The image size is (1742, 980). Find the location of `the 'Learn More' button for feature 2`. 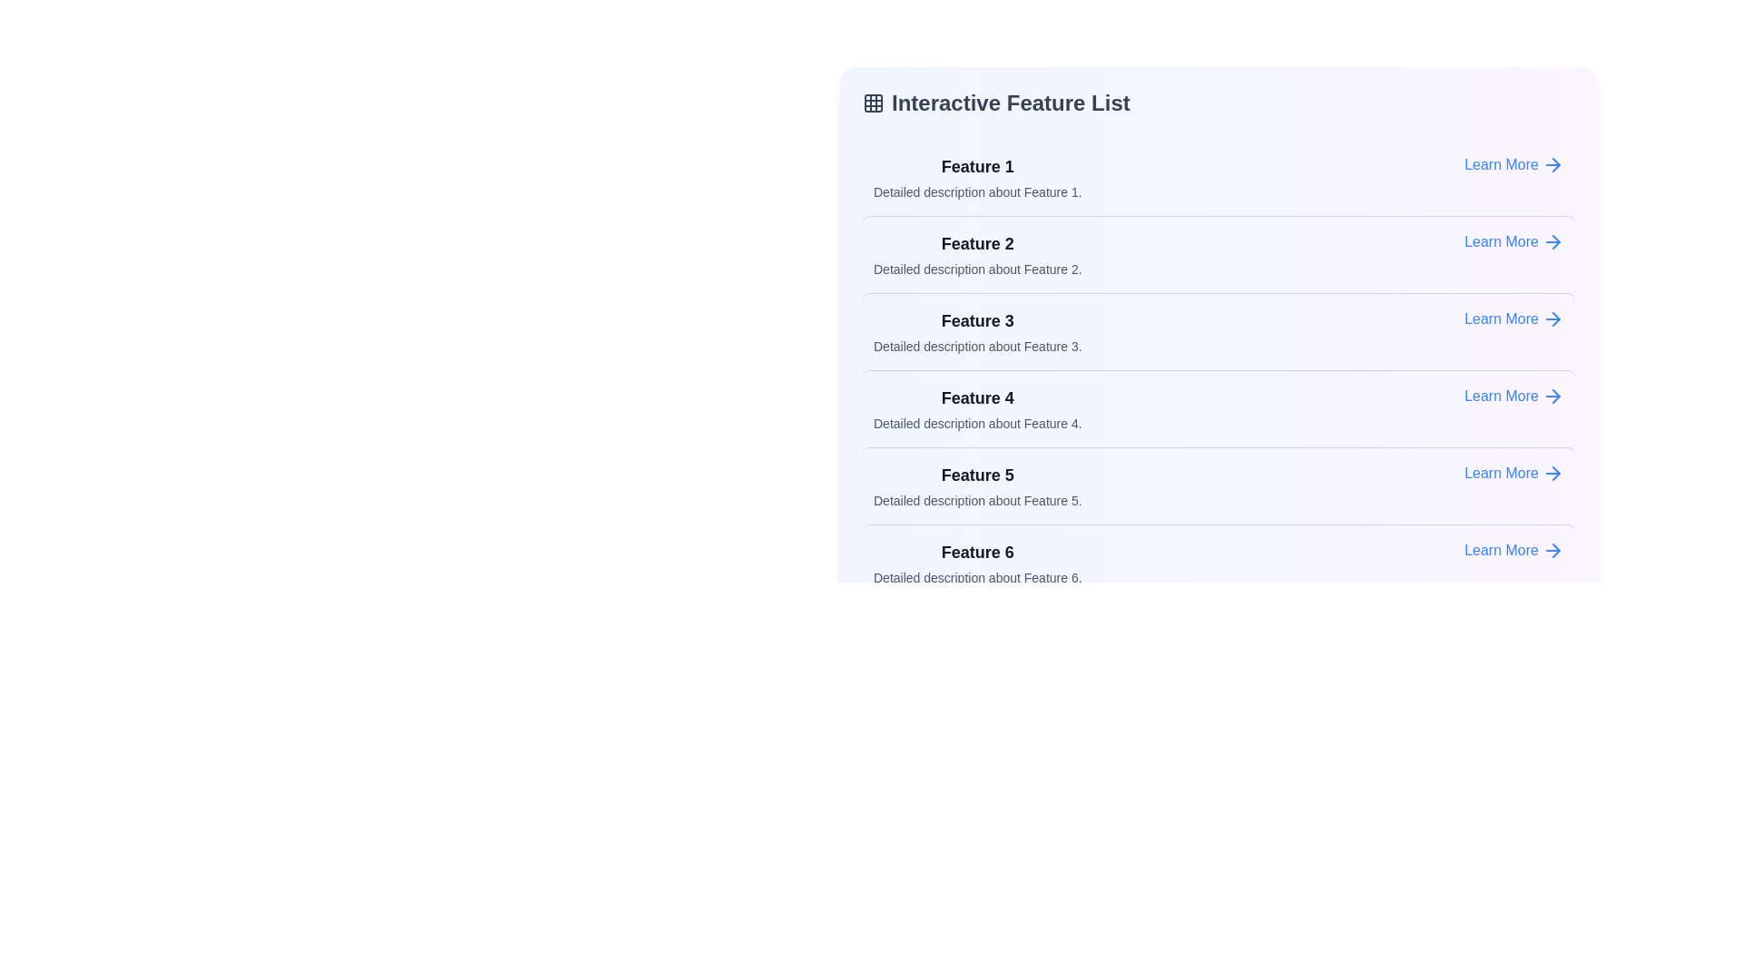

the 'Learn More' button for feature 2 is located at coordinates (1514, 240).